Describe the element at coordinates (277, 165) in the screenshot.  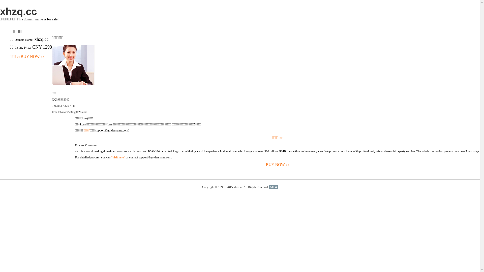
I see `'BUY NOW>>'` at that location.